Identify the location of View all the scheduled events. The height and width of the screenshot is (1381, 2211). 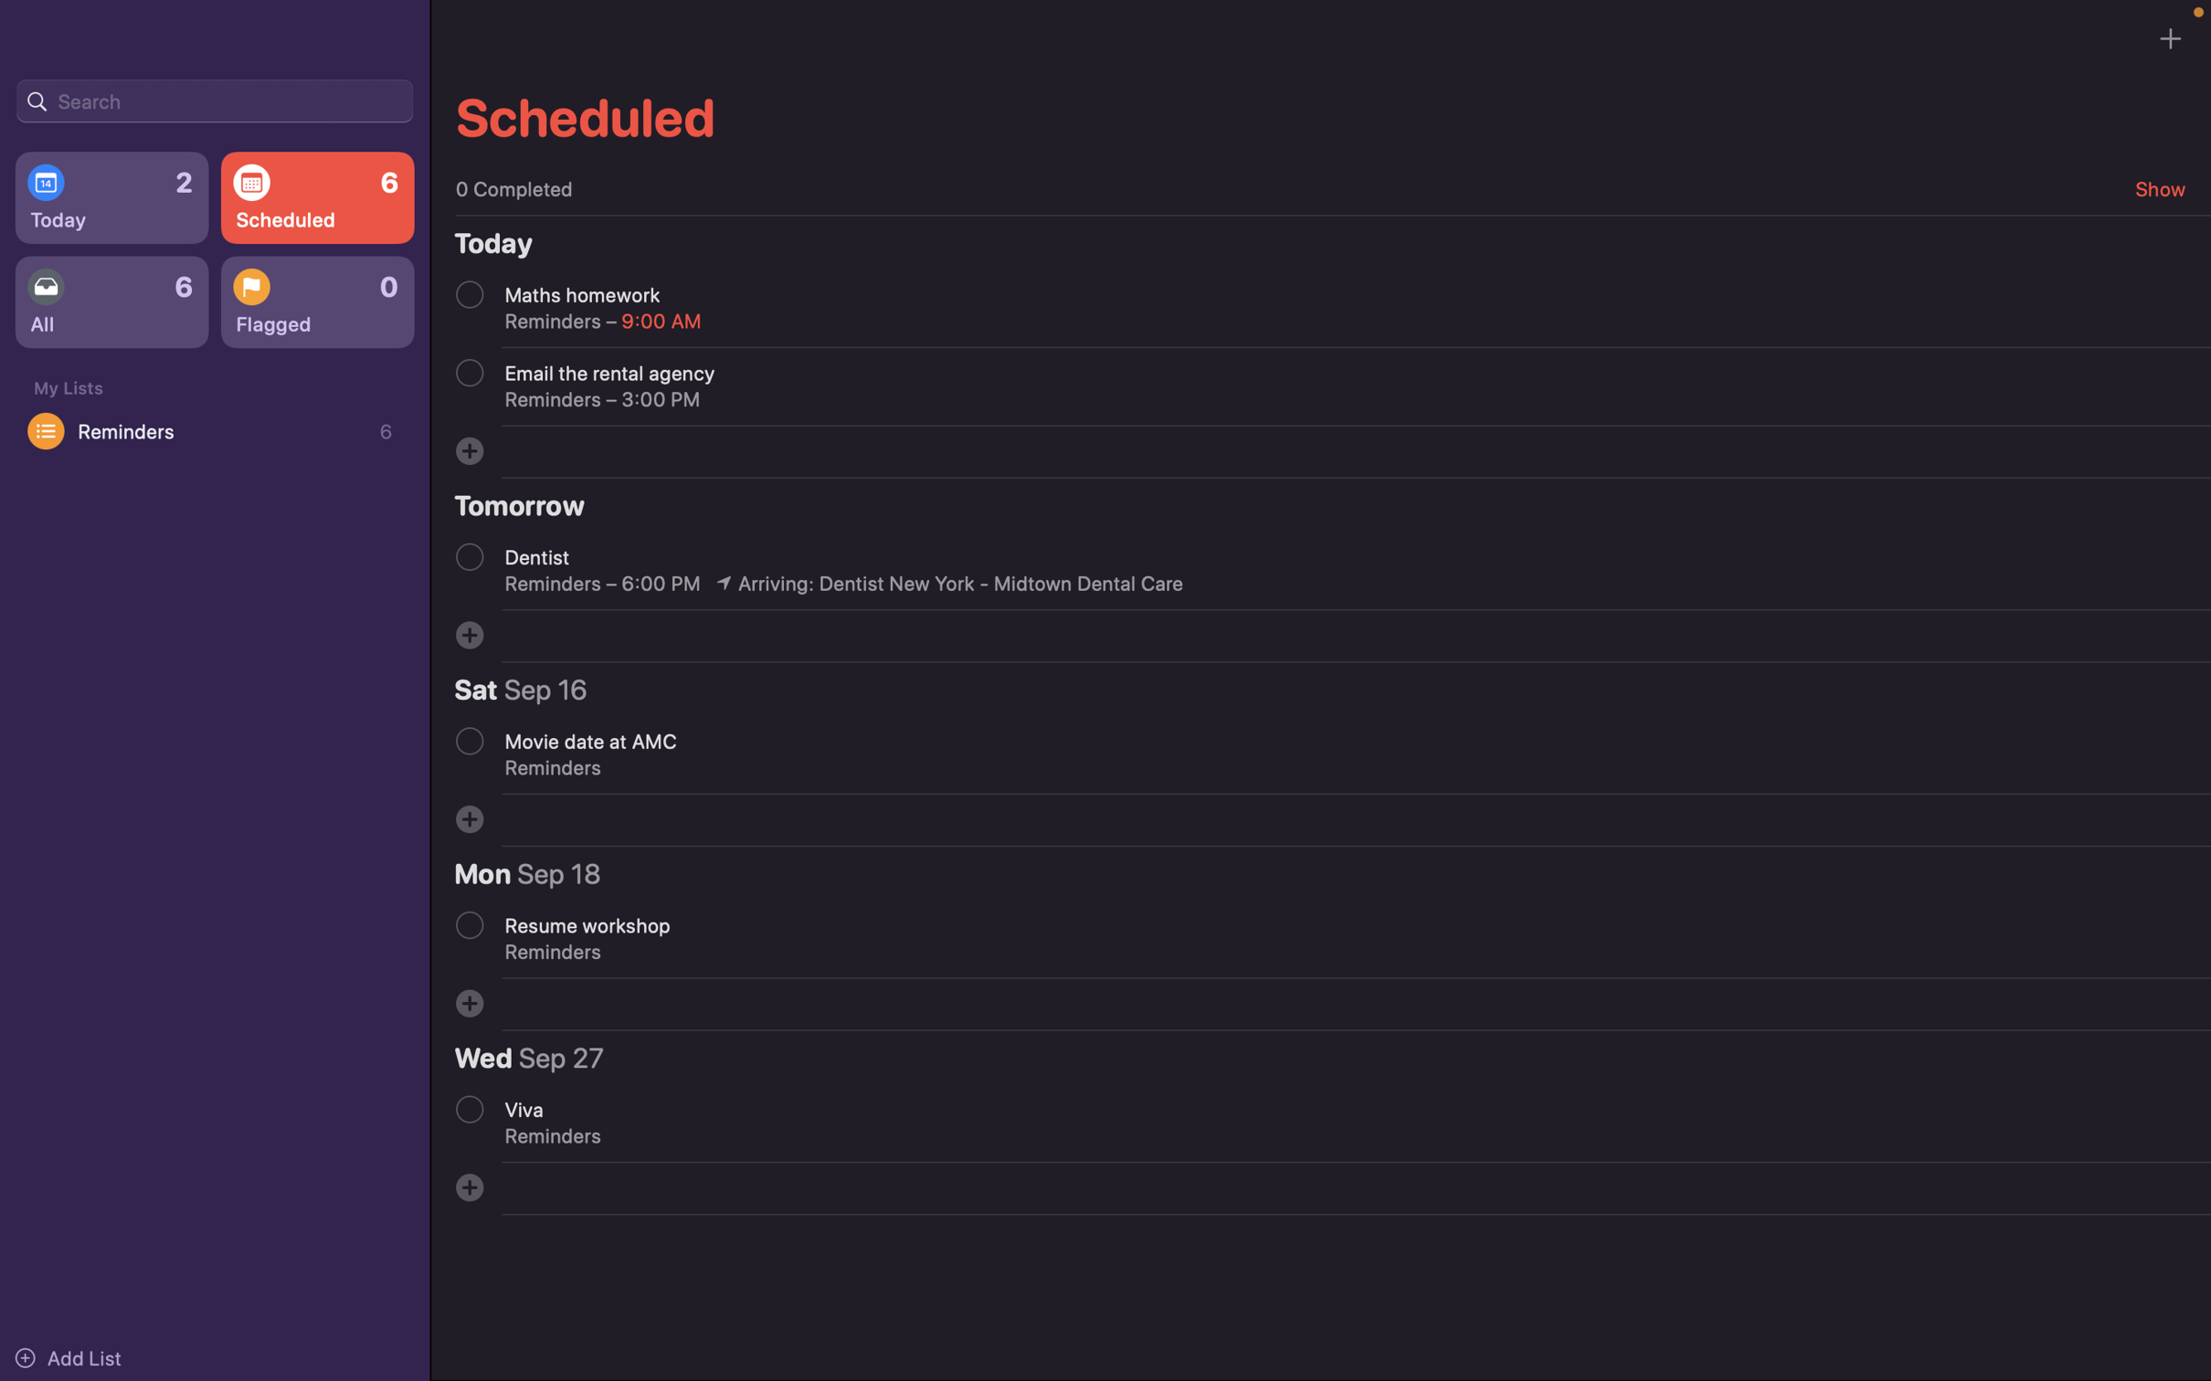
(315, 196).